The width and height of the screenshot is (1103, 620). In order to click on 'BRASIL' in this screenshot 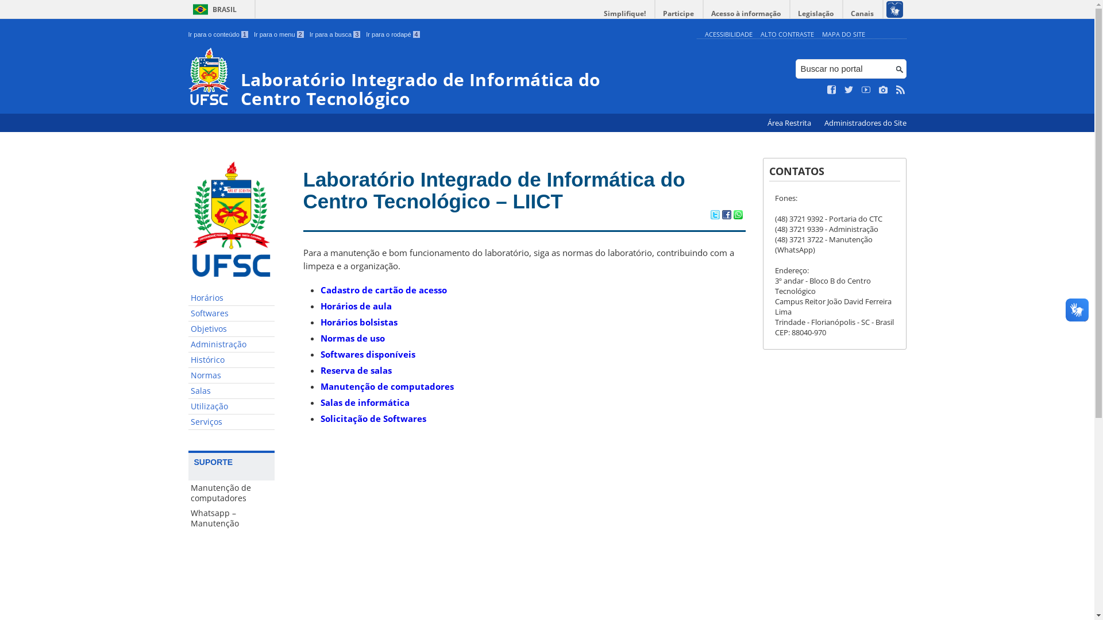, I will do `click(188, 9)`.